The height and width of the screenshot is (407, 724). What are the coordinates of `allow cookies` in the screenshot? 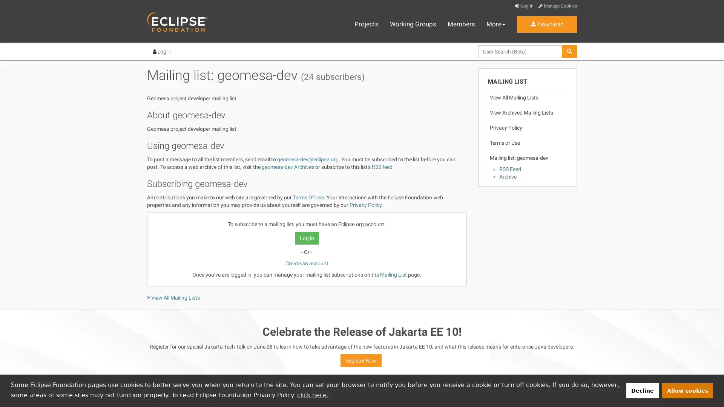 It's located at (687, 390).